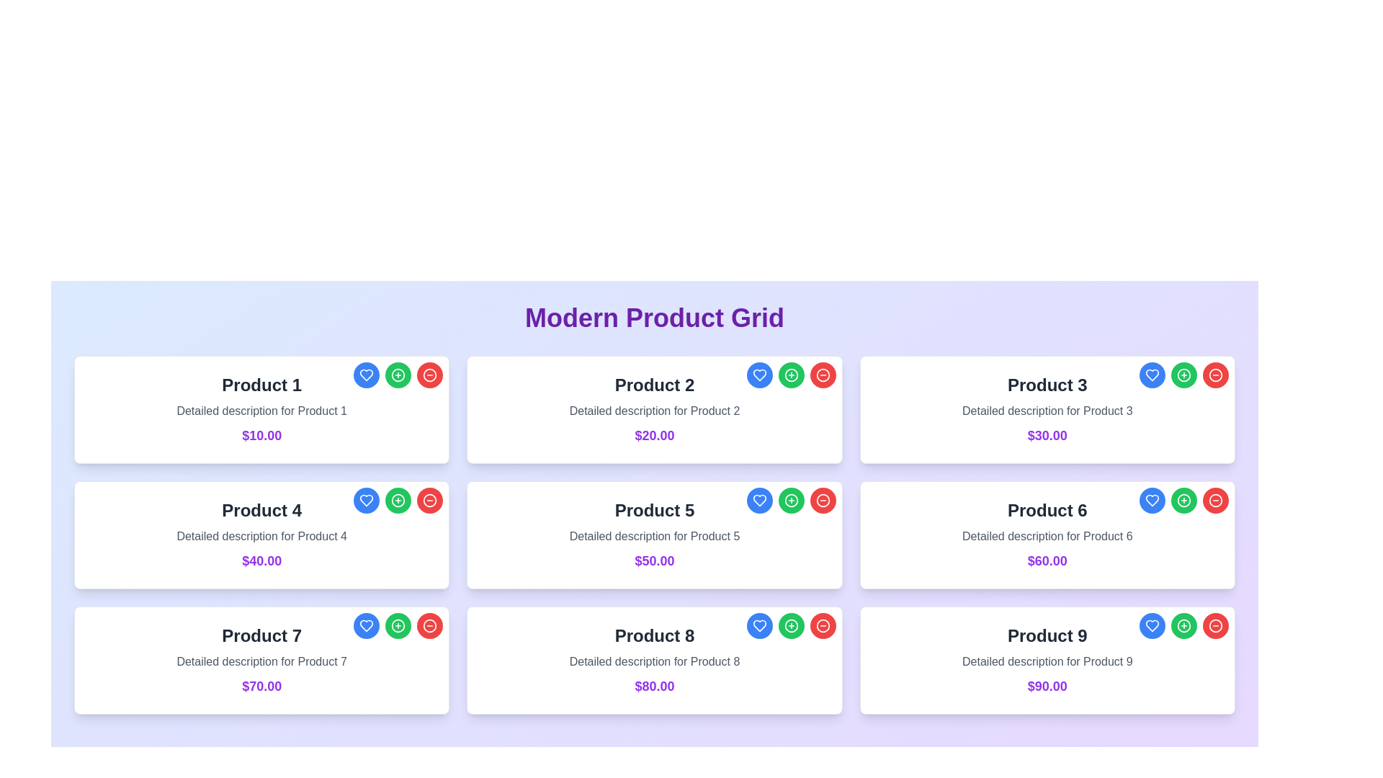 The height and width of the screenshot is (778, 1383). I want to click on the interactive button located next to 'Product 6', which is the second button in the row, so click(1183, 499).